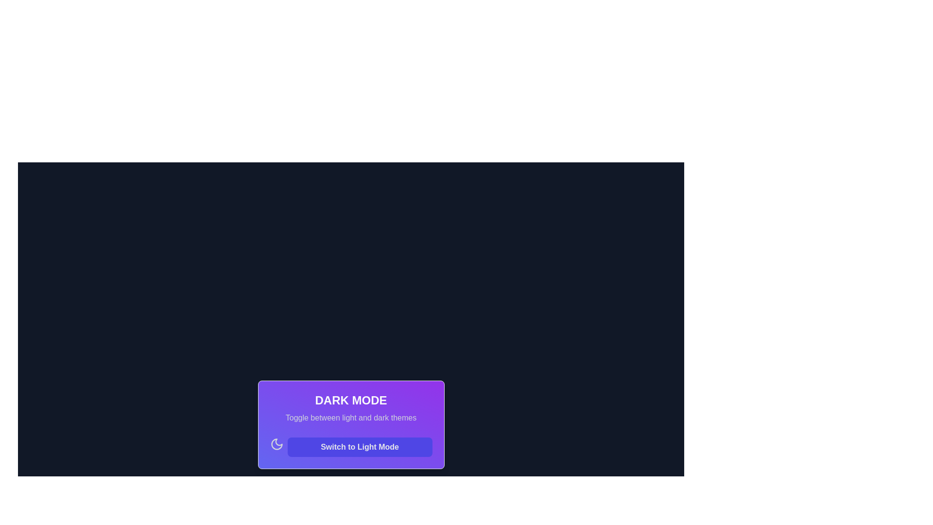 The height and width of the screenshot is (525, 933). What do you see at coordinates (276, 444) in the screenshot?
I see `the crescent moon icon representing the dark mode feature` at bounding box center [276, 444].